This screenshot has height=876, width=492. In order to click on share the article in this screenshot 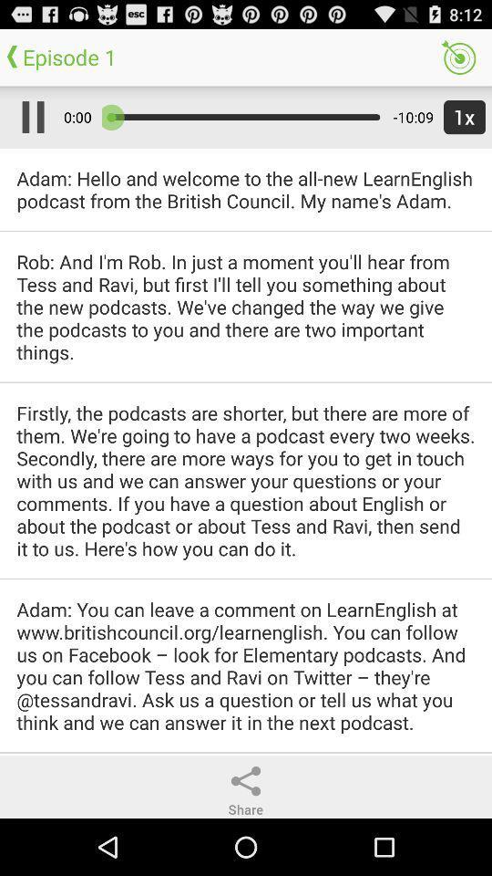, I will do `click(246, 780)`.